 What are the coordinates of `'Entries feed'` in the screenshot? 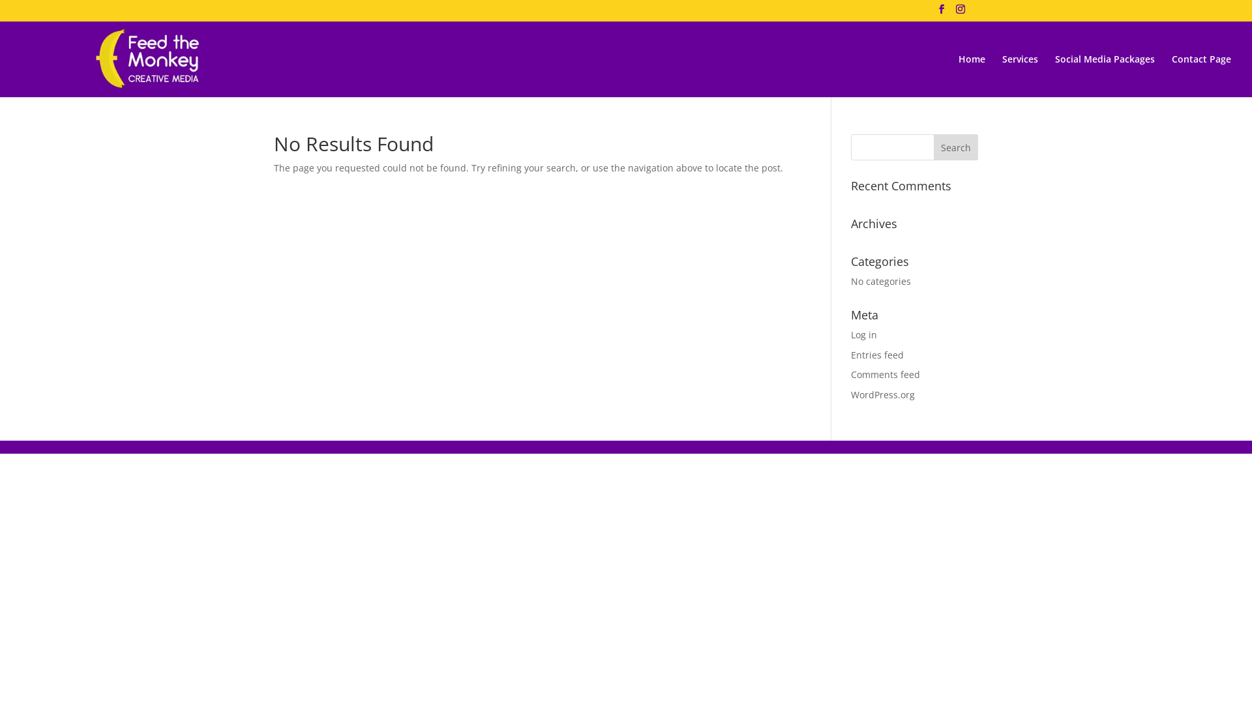 It's located at (877, 355).